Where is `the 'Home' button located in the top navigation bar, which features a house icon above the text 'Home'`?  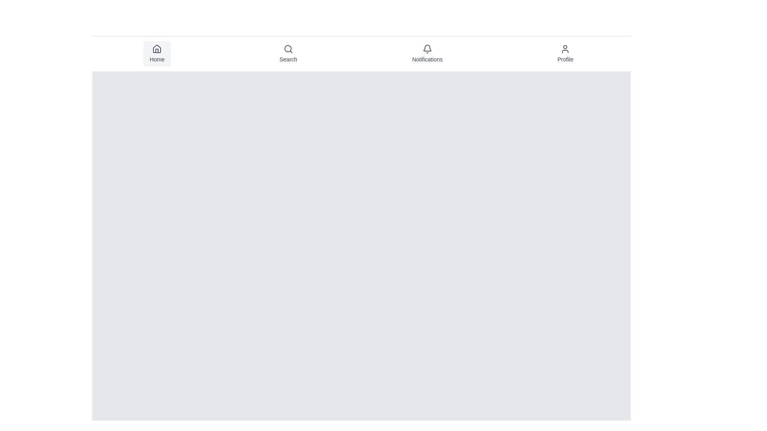 the 'Home' button located in the top navigation bar, which features a house icon above the text 'Home' is located at coordinates (157, 54).